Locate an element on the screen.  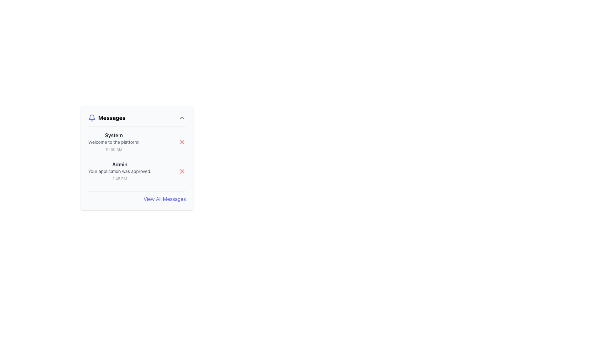
the text label that identifies the sender of a message, located at the top-left of the message group is located at coordinates (120, 164).